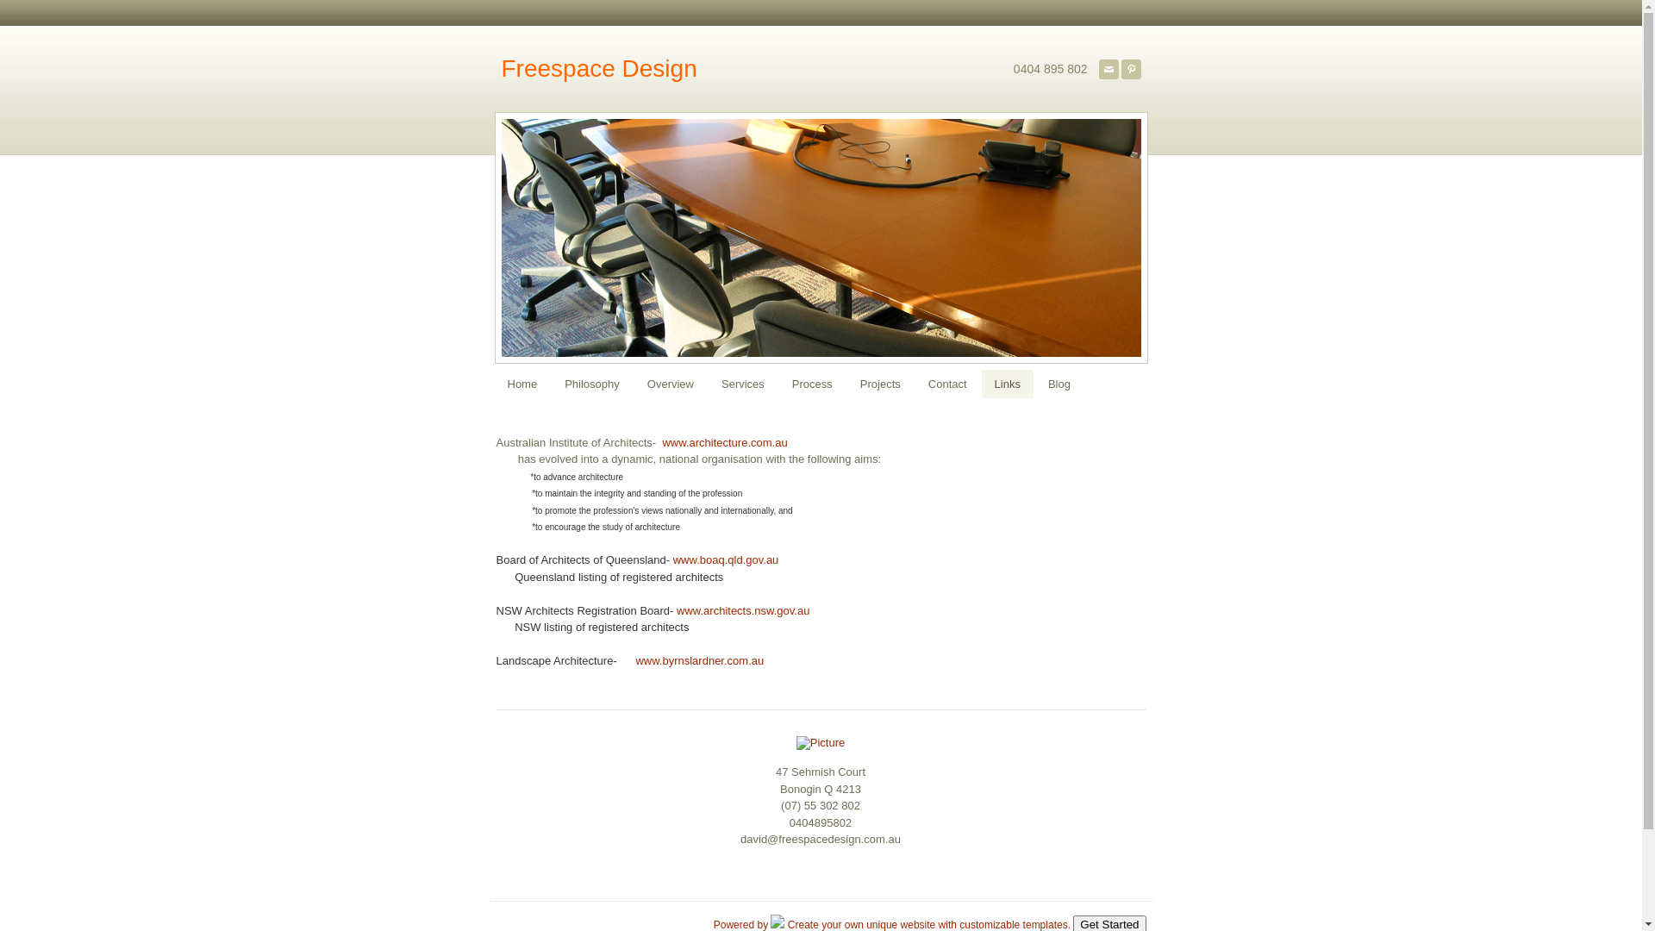  I want to click on 'www.architects.nsw.gov.au', so click(743, 609).